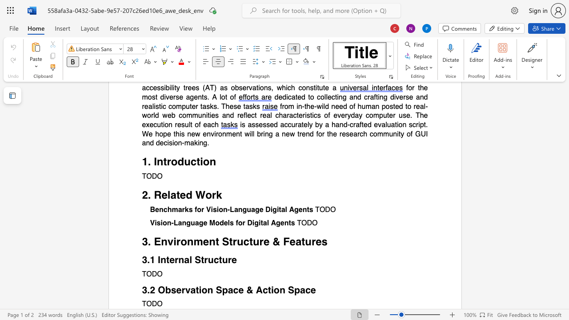  What do you see at coordinates (265, 210) in the screenshot?
I see `the subset text "Digital A" within the text "Benchmarks for Vision-Language Digital Agents"` at bounding box center [265, 210].